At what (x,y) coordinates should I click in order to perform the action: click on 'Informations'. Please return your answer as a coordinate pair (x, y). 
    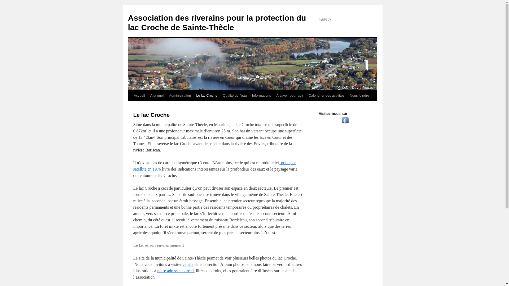
    Looking at the image, I should click on (262, 96).